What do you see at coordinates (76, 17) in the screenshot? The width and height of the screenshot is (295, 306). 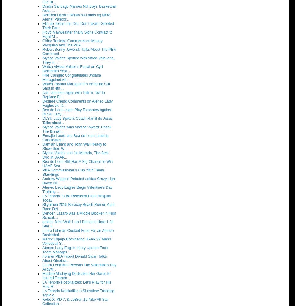 I see `'DenDen Lazaro Binato sa Labas ng MOA Arena: Panoor...'` at bounding box center [76, 17].